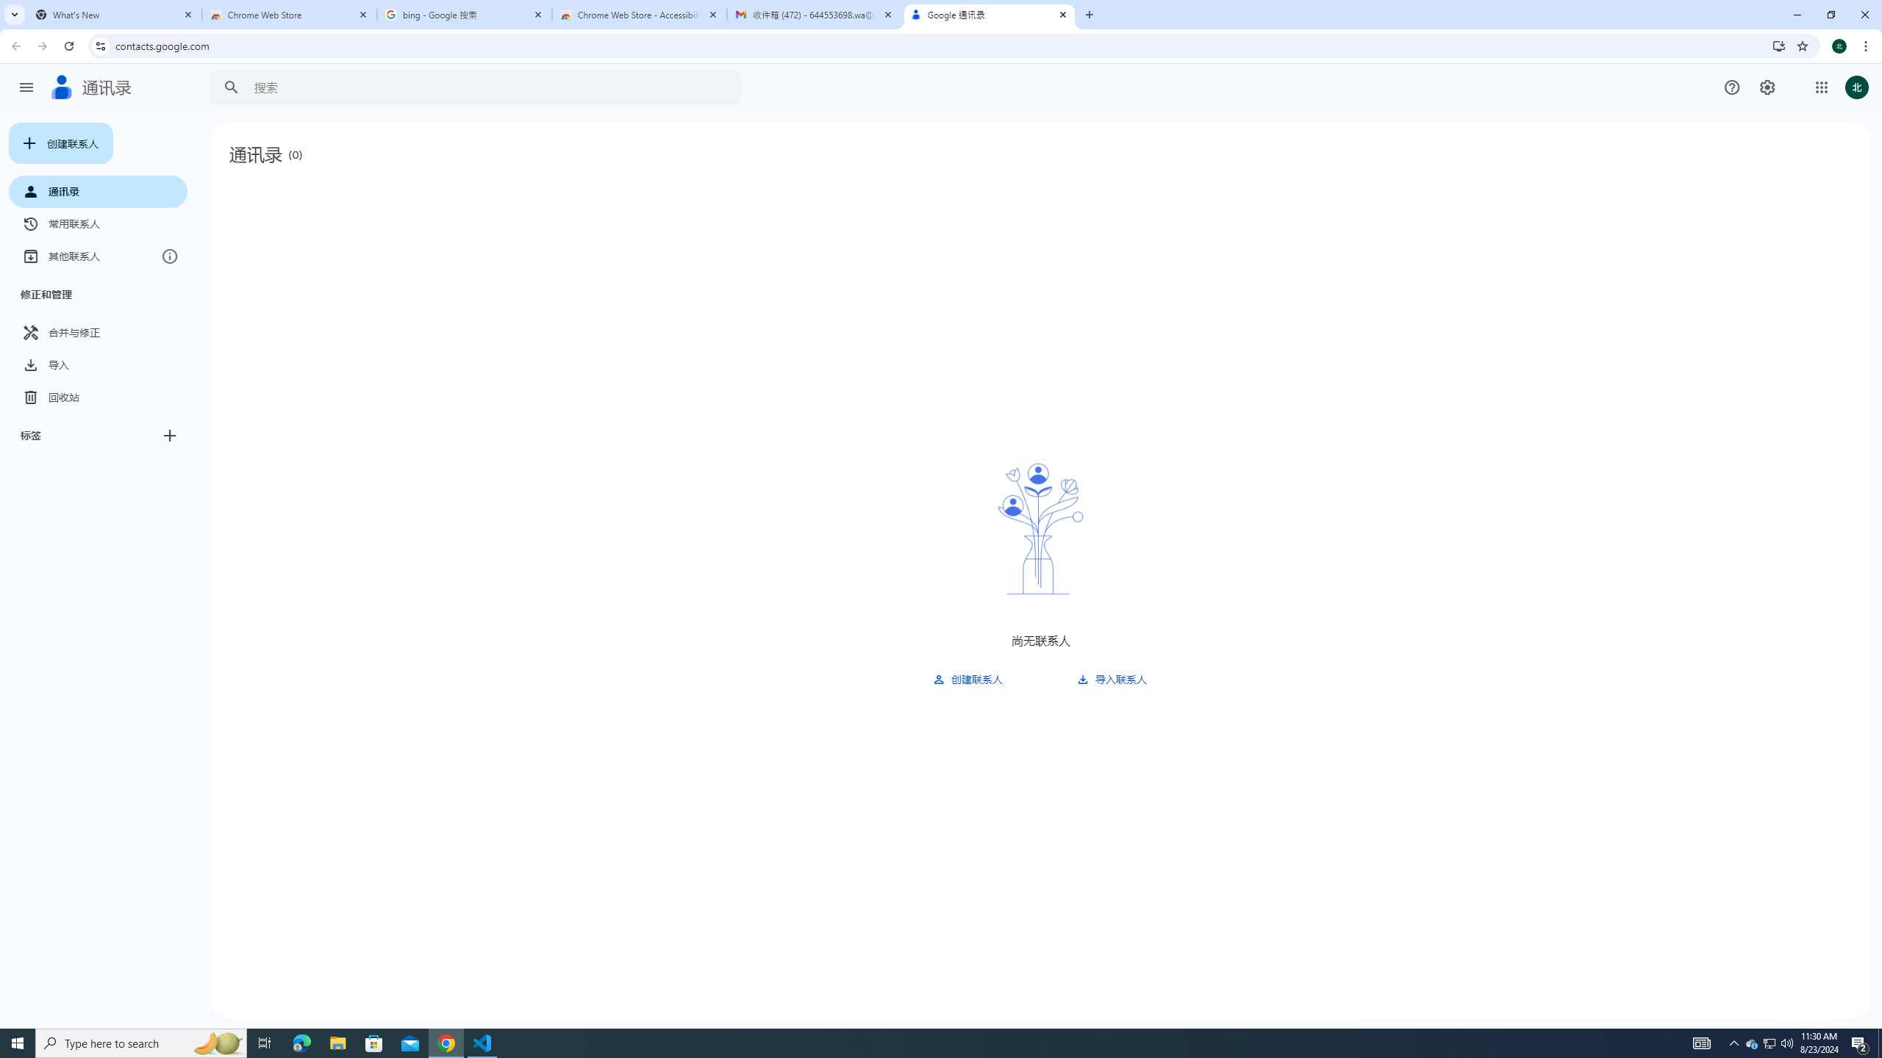  Describe the element at coordinates (290, 14) in the screenshot. I see `'Chrome Web Store'` at that location.